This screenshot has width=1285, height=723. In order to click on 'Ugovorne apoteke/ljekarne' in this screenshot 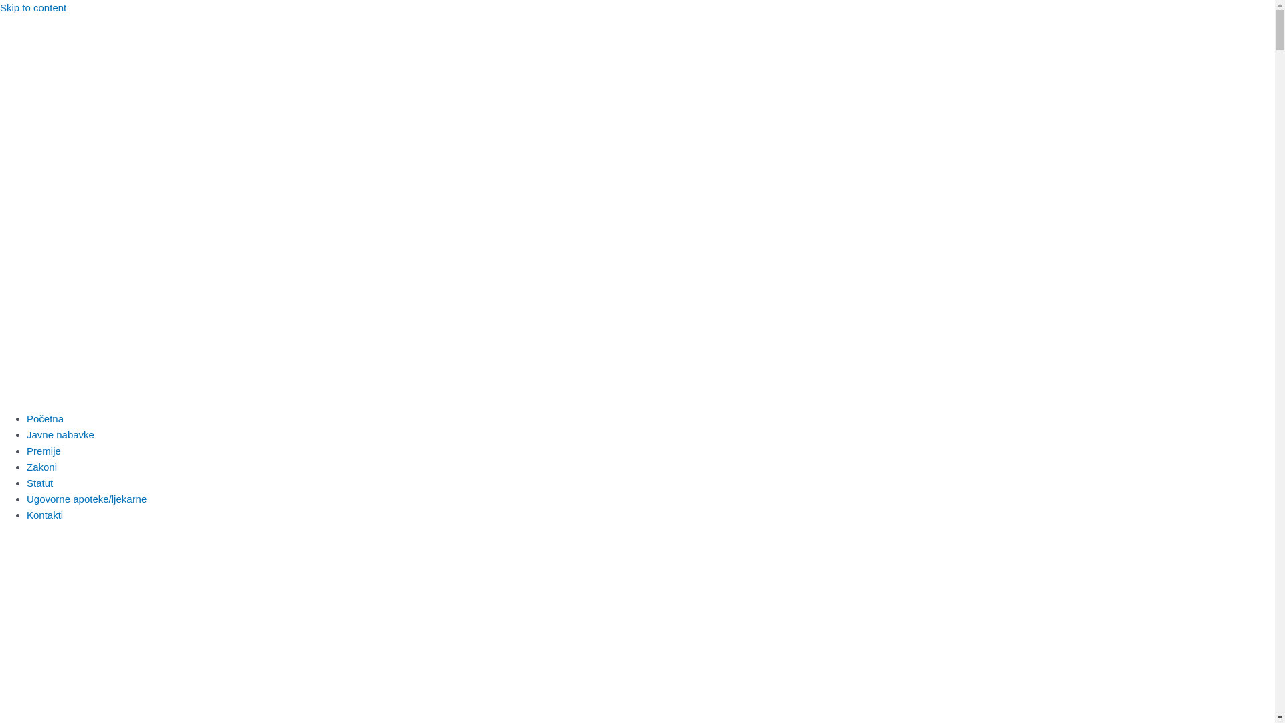, I will do `click(26, 499)`.